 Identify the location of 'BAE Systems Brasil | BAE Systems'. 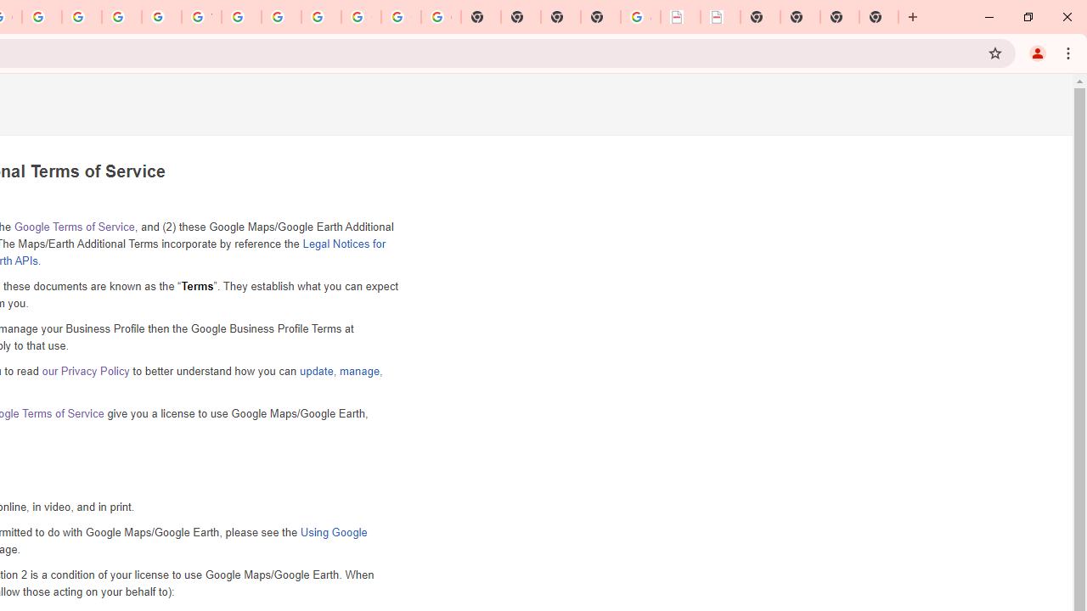
(720, 17).